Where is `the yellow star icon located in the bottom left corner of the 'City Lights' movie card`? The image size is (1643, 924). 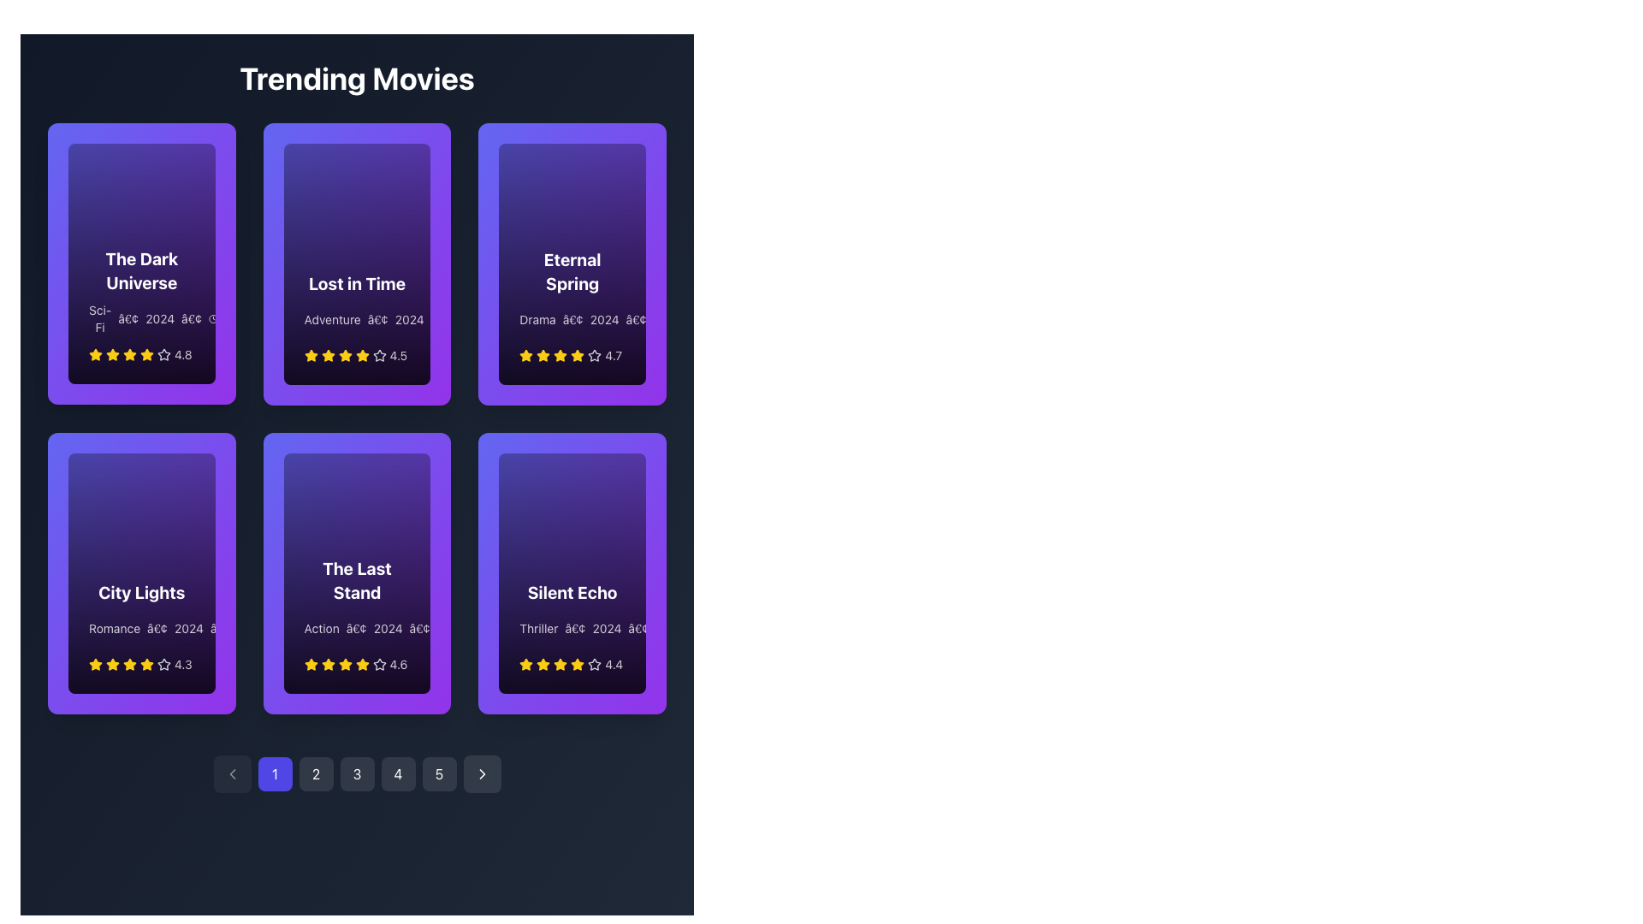
the yellow star icon located in the bottom left corner of the 'City Lights' movie card is located at coordinates (94, 663).